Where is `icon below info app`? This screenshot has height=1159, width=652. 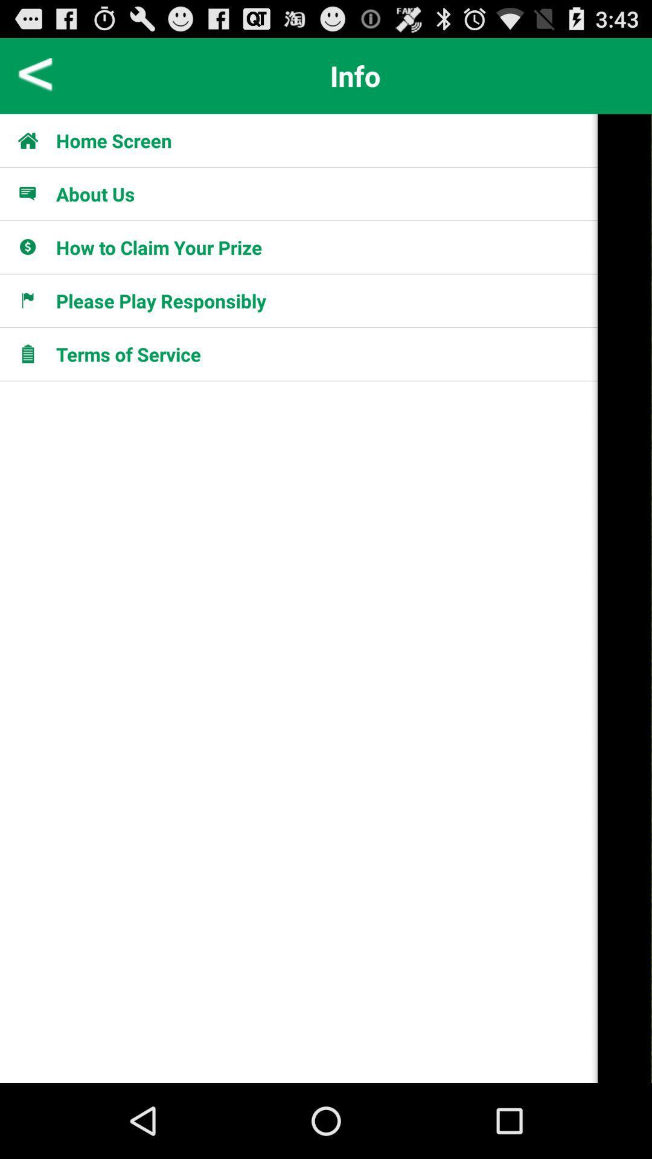 icon below info app is located at coordinates (114, 140).